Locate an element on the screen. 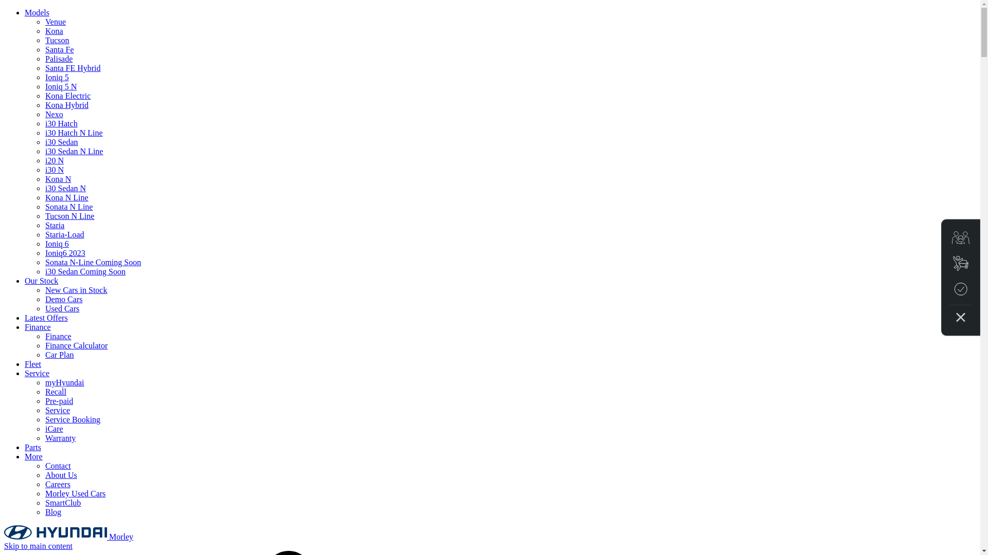 Image resolution: width=988 pixels, height=555 pixels. 'i30 Sedan' is located at coordinates (61, 142).